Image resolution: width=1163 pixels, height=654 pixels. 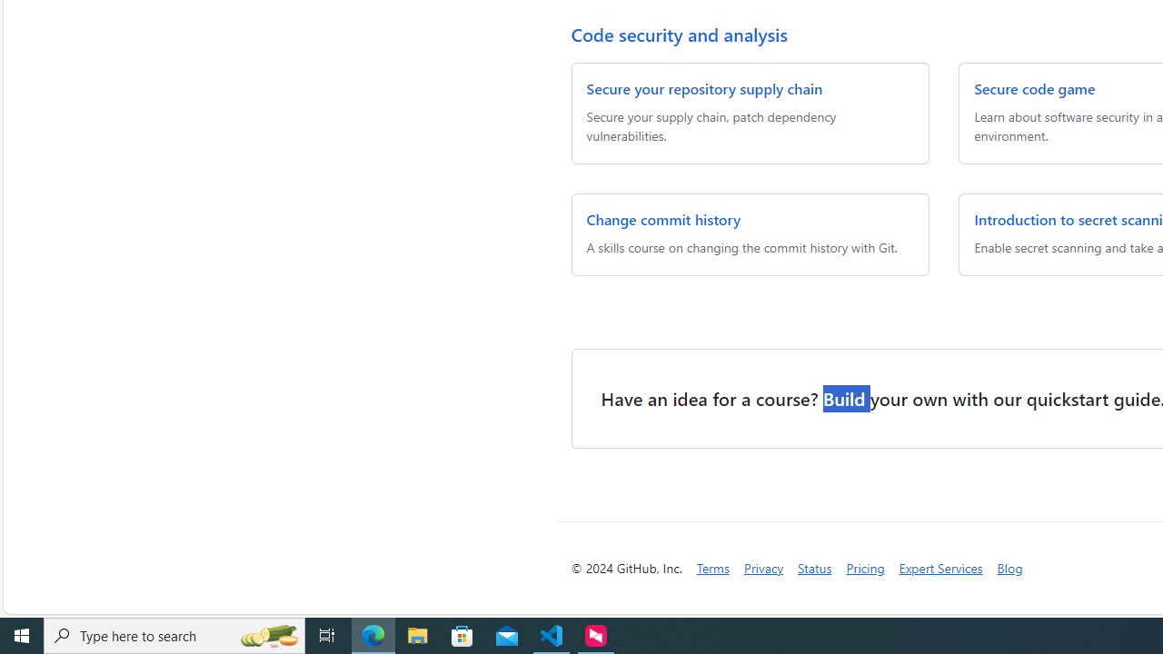 I want to click on 'Change commit history', so click(x=662, y=218).